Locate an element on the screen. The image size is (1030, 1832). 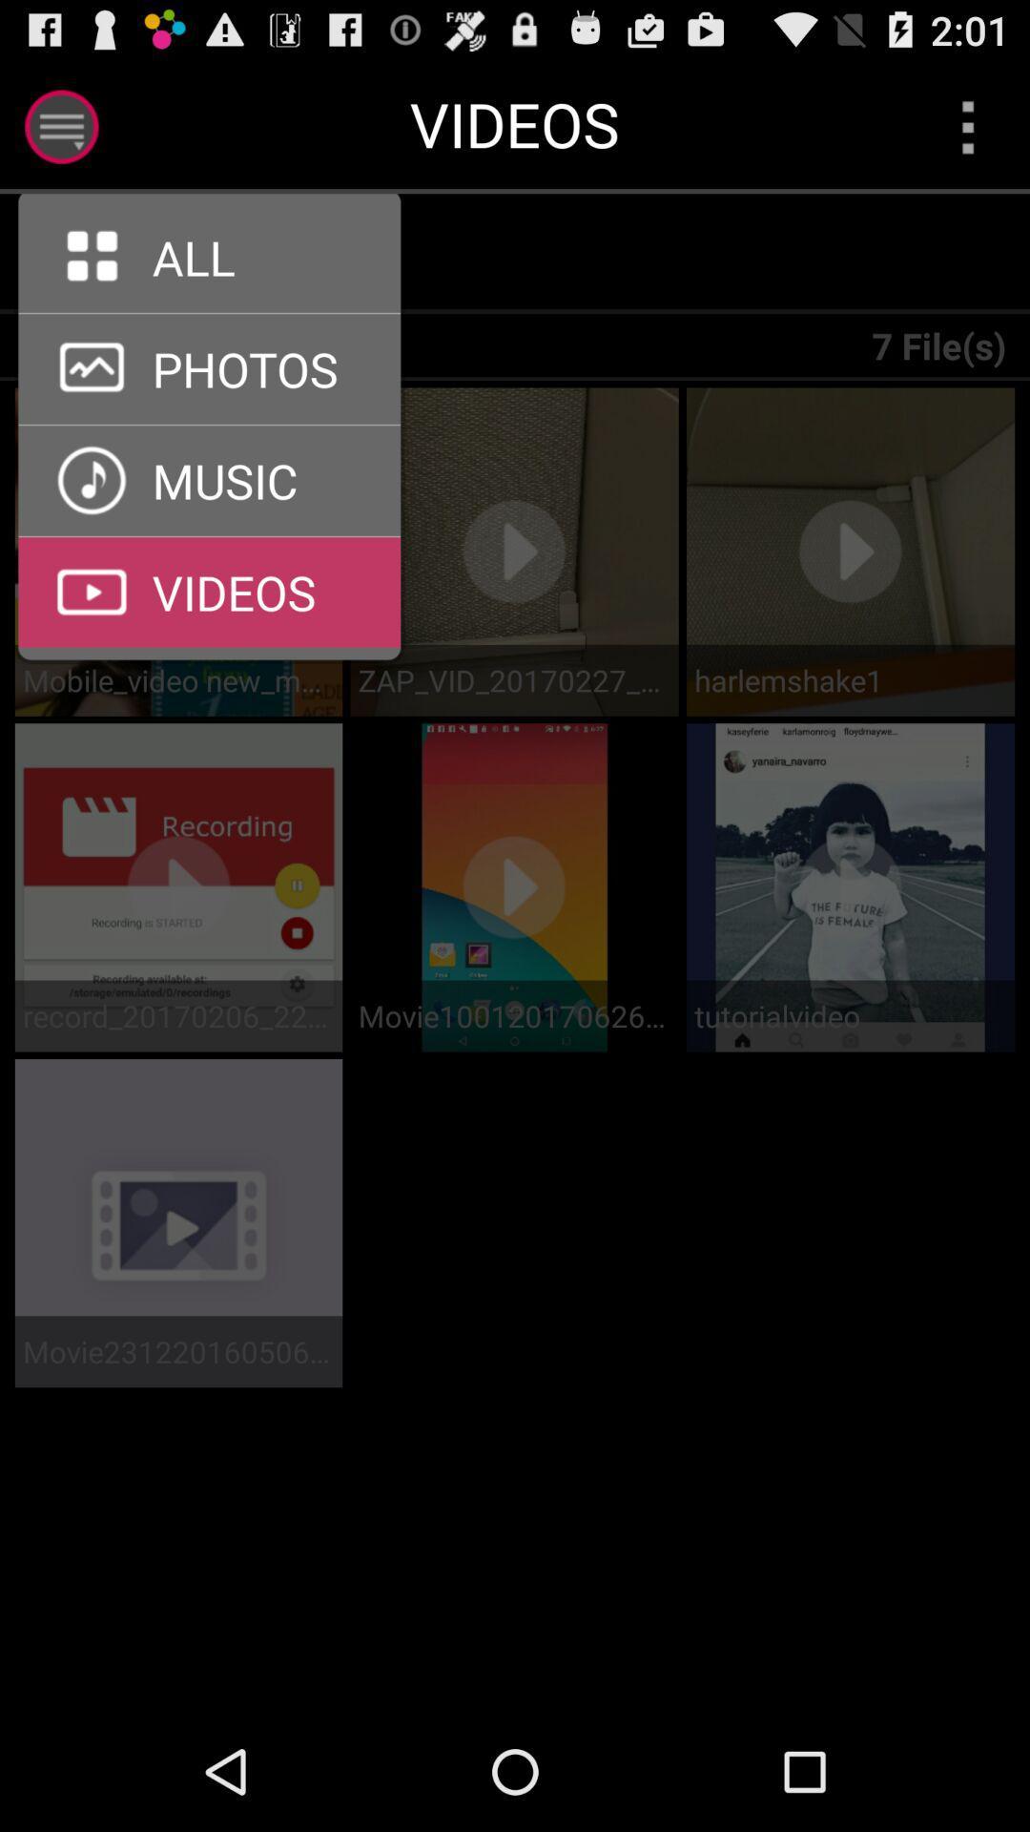
shows photo option is located at coordinates (209, 424).